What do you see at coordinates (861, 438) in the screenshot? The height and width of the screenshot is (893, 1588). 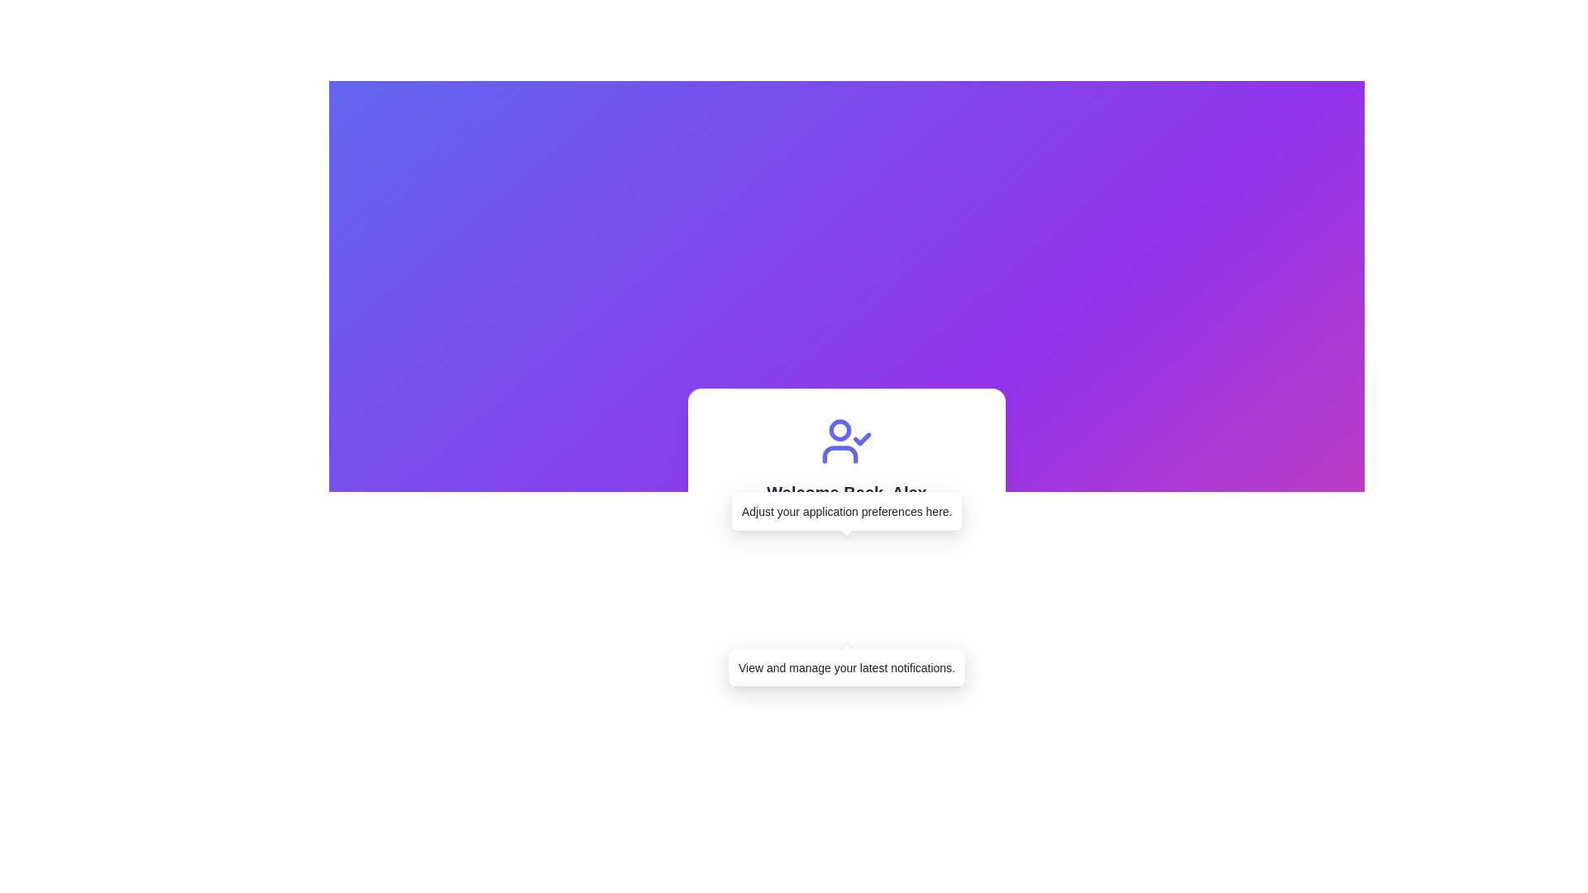 I see `the checkmark icon, which is a blue SVG element overlaying the user icon's right shoulder` at bounding box center [861, 438].